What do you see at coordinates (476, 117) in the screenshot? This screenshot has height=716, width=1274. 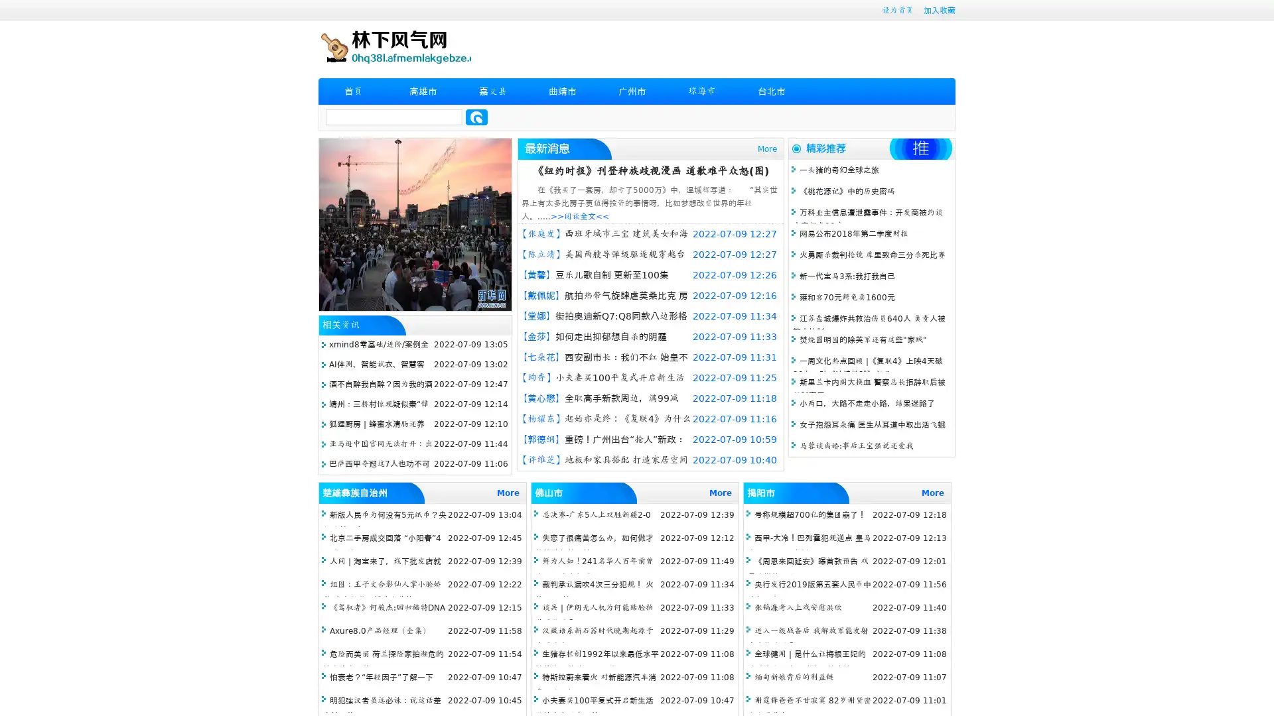 I see `Search` at bounding box center [476, 117].